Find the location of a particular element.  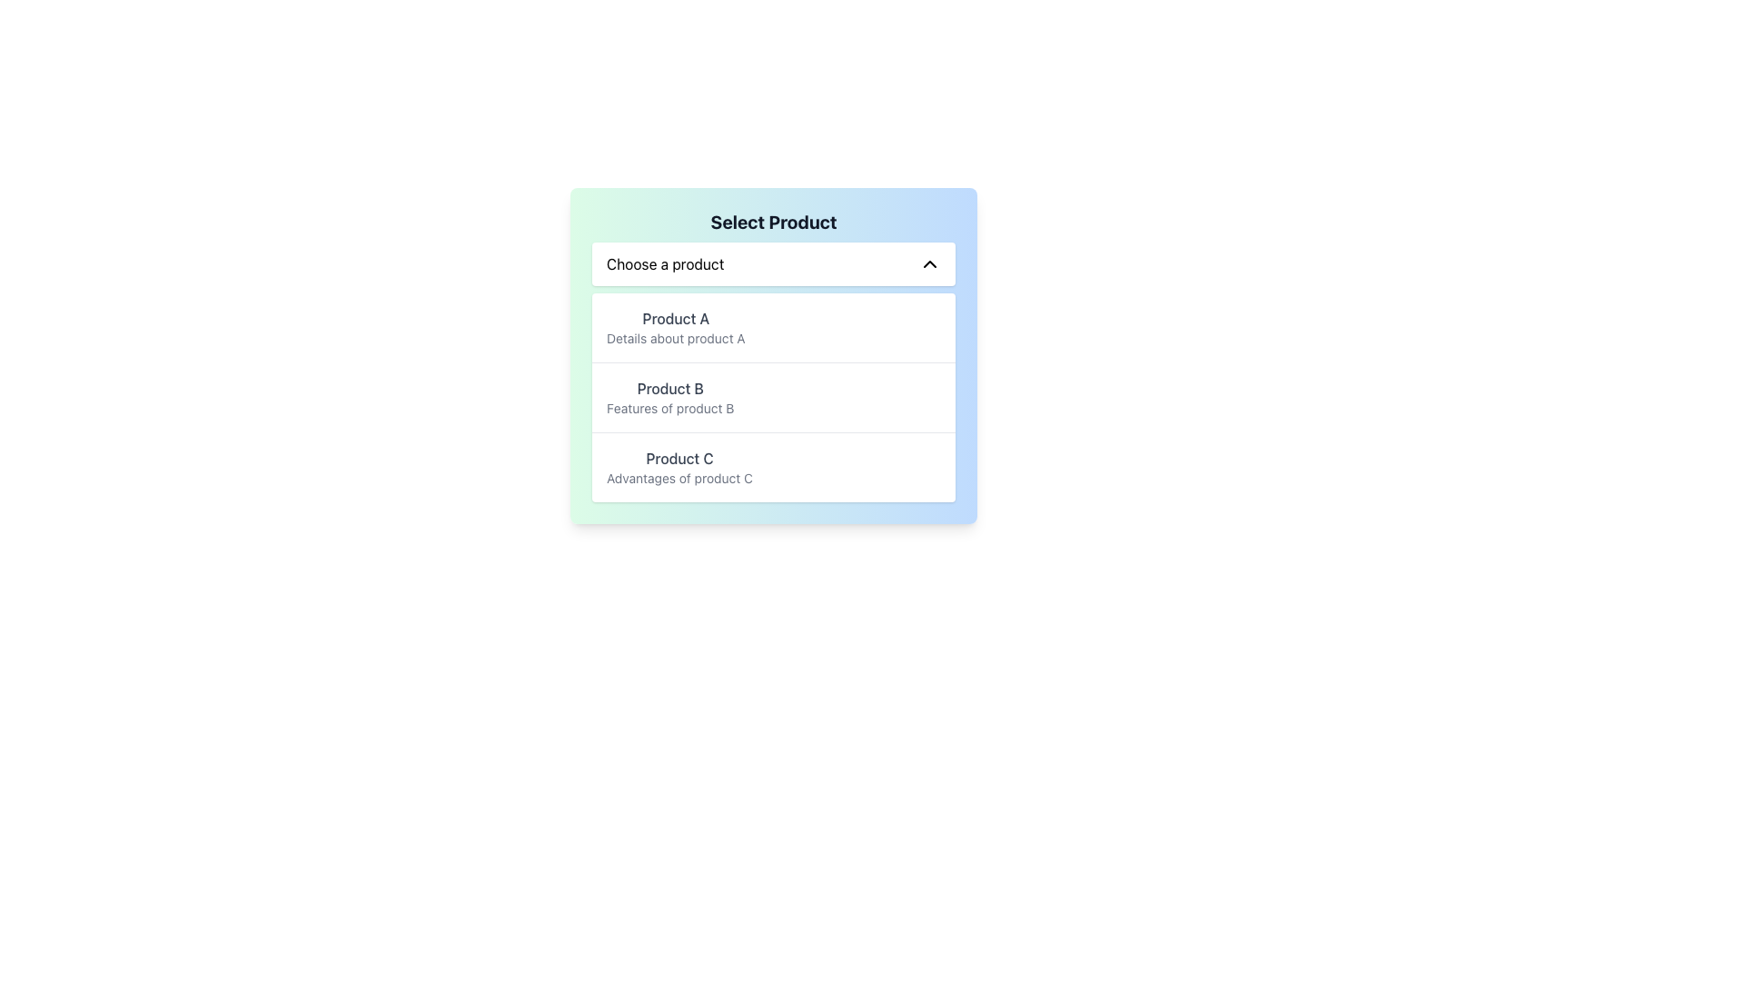

the text display that serves as the title for the dropdown option representing Product B, located in the second item of the 'Select Product' dropdown menu is located at coordinates (669, 388).